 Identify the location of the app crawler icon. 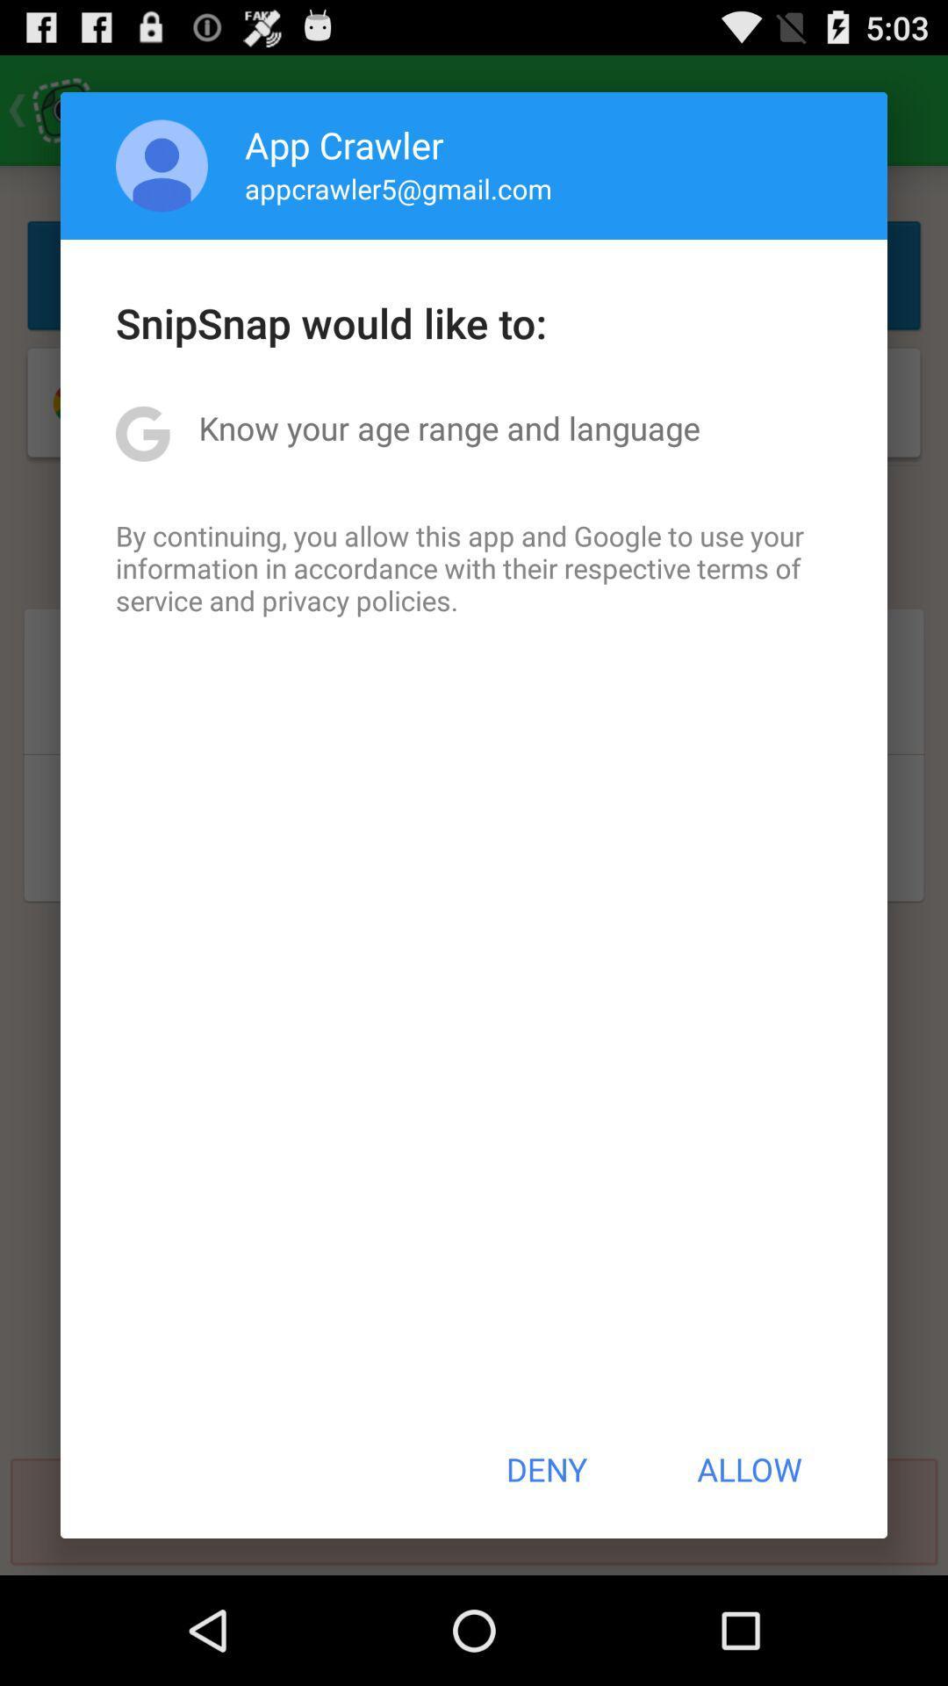
(344, 144).